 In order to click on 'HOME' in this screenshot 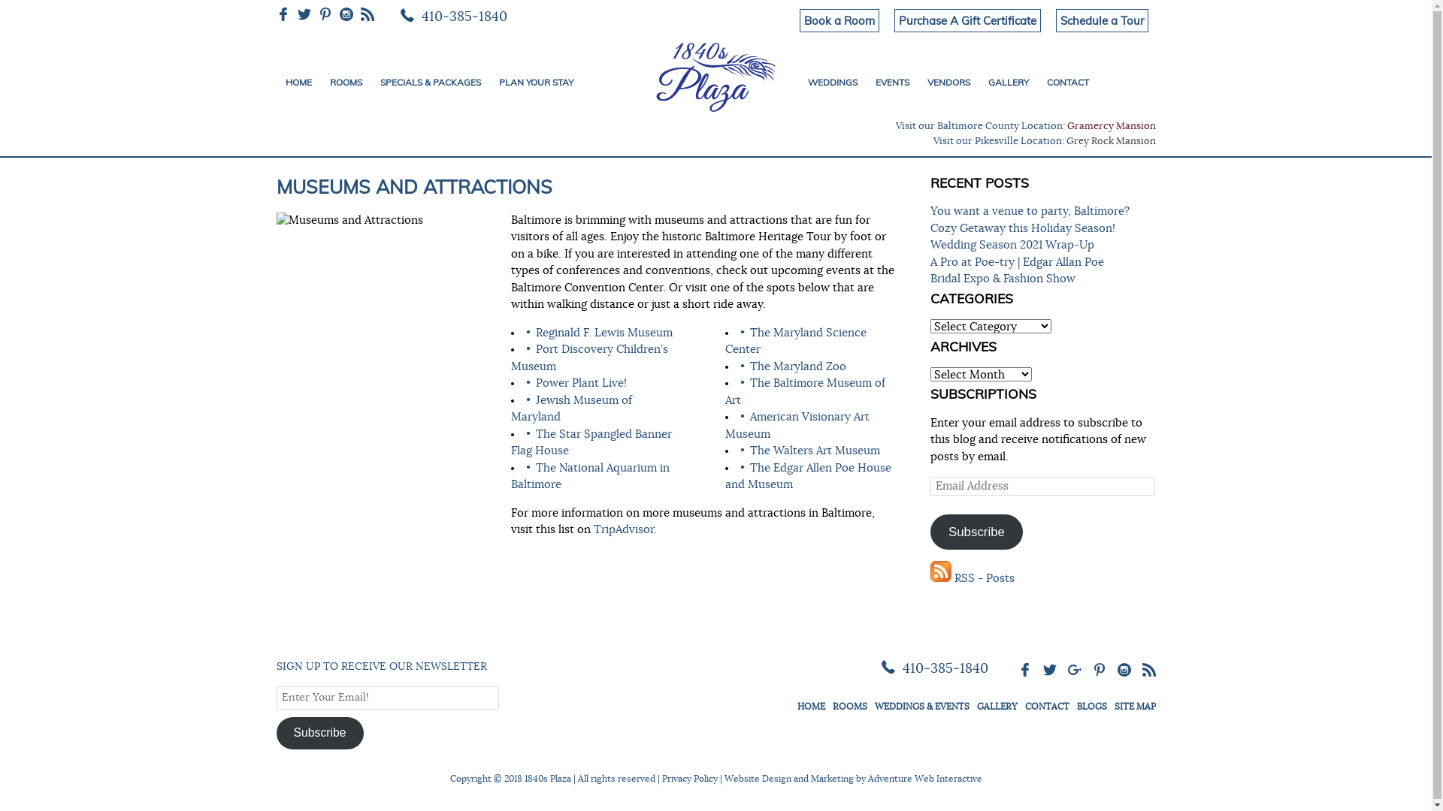, I will do `click(809, 706)`.